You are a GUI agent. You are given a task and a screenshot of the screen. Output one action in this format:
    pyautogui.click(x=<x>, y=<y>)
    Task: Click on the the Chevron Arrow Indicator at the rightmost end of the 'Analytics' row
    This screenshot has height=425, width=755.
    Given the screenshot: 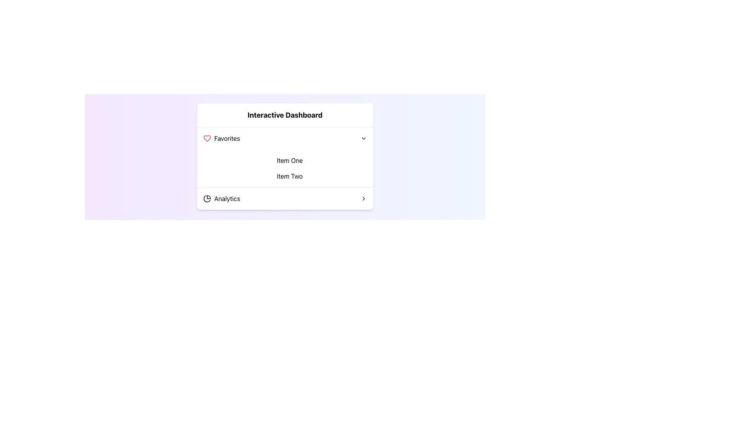 What is the action you would take?
    pyautogui.click(x=363, y=198)
    